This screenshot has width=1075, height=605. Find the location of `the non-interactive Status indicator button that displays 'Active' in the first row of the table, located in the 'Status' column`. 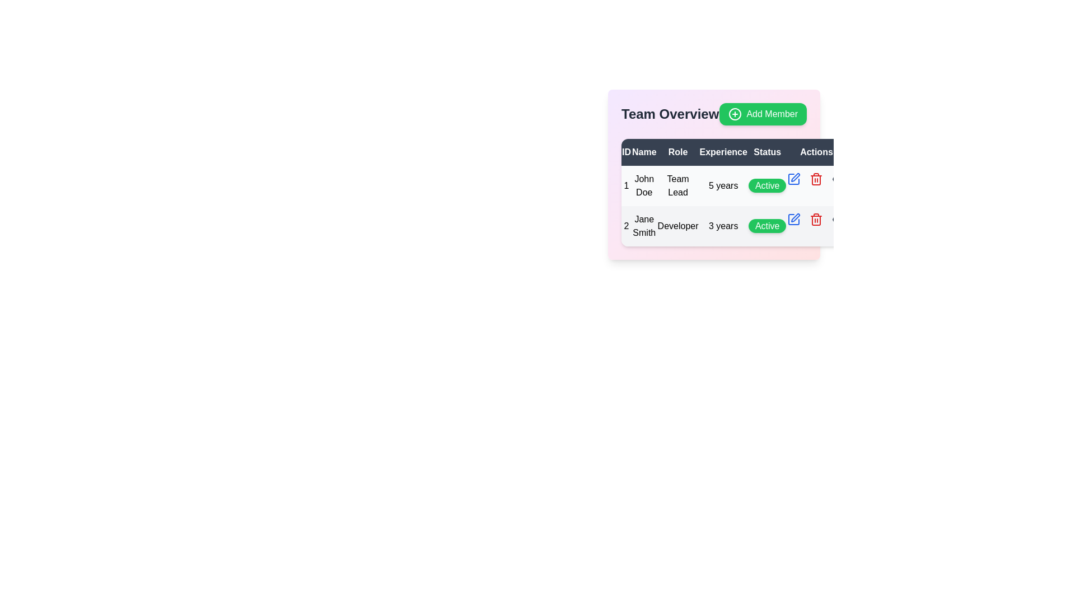

the non-interactive Status indicator button that displays 'Active' in the first row of the table, located in the 'Status' column is located at coordinates (766, 185).